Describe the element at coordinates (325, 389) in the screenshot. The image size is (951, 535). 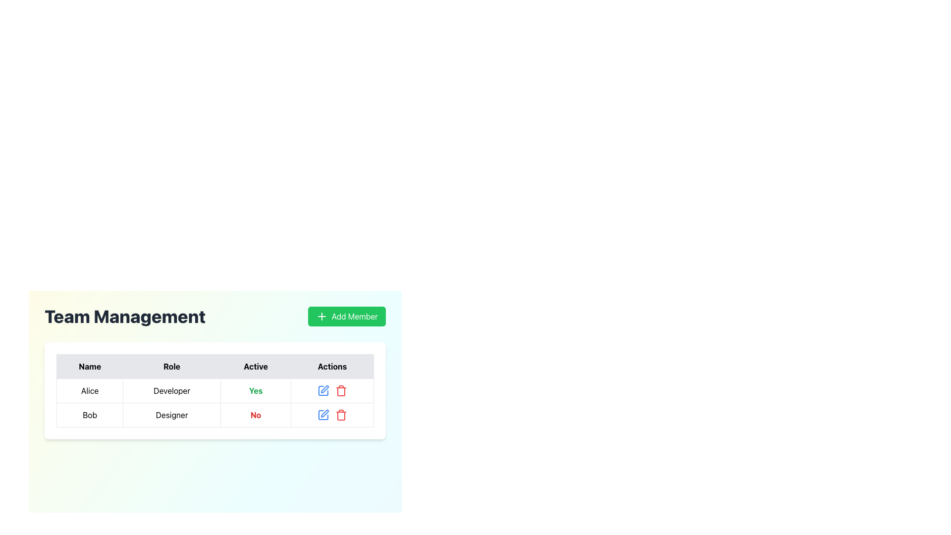
I see `the blue pencil icon in the 'Actions' column for the row labeled 'Alice'` at that location.